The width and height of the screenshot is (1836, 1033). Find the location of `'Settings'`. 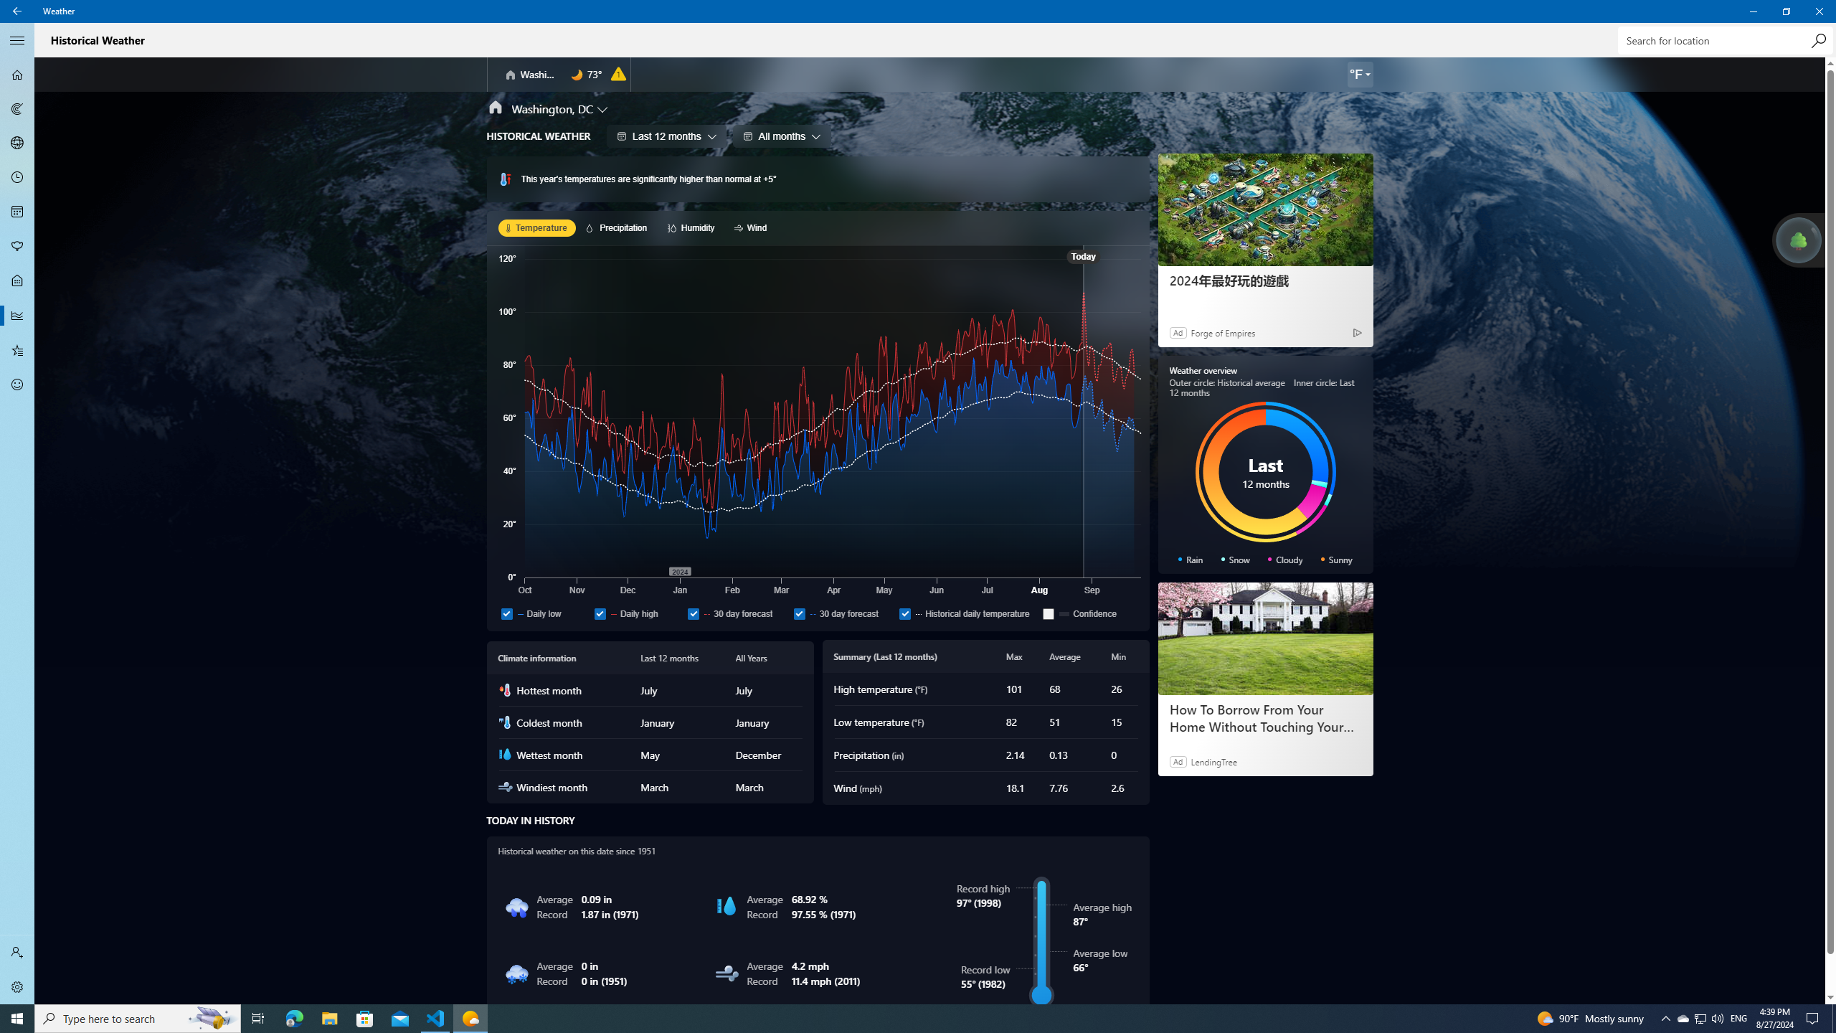

'Settings' is located at coordinates (17, 986).